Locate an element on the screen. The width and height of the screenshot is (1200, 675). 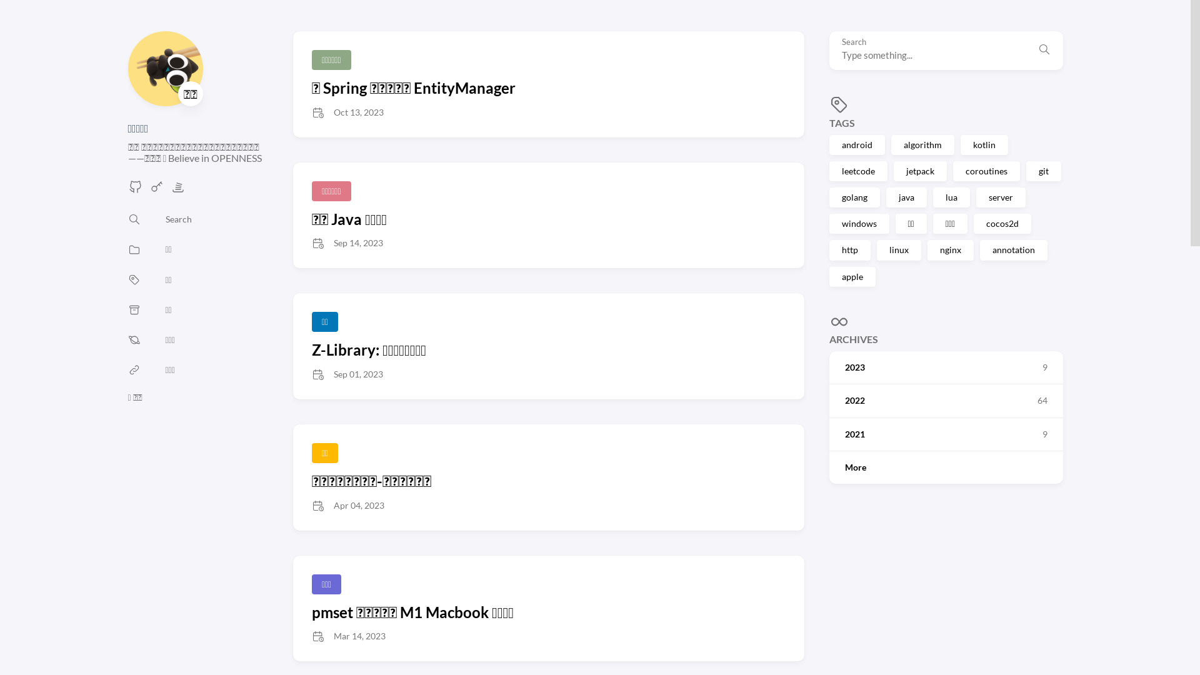
'http' is located at coordinates (849, 250).